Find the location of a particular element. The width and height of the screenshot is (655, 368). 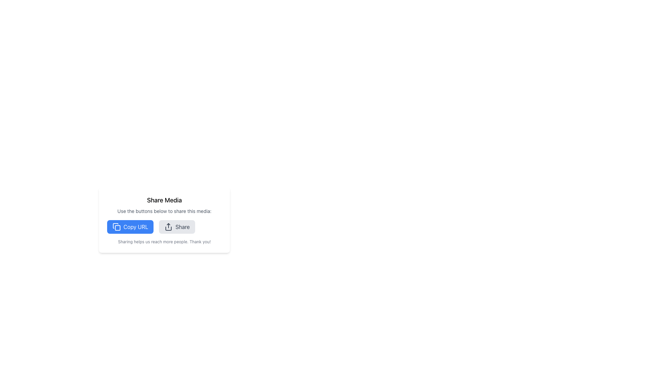

the 'copy' icon, which is represented by two overlapping rectangles, located to the left of the 'Copy URL' text within the blue 'Copy URL' button is located at coordinates (116, 227).